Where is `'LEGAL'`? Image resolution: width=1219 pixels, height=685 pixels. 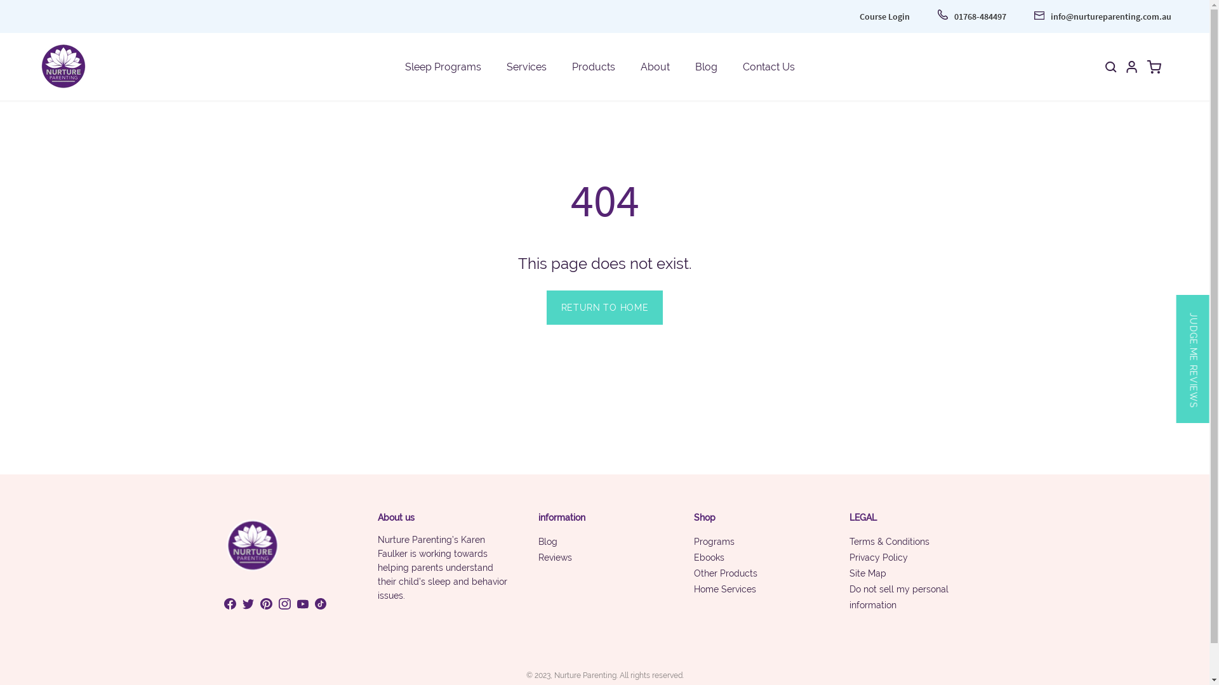
'LEGAL' is located at coordinates (849, 518).